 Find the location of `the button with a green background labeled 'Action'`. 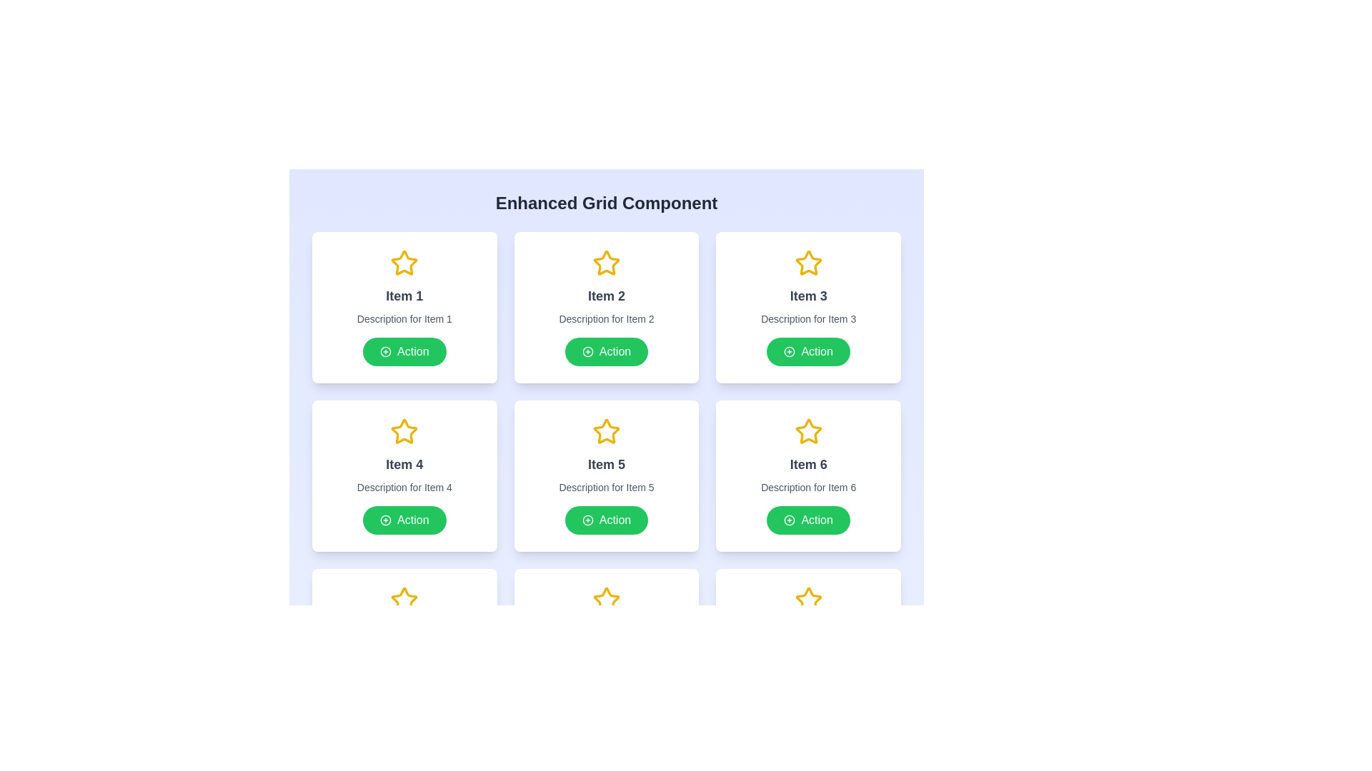

the button with a green background labeled 'Action' is located at coordinates (607, 352).